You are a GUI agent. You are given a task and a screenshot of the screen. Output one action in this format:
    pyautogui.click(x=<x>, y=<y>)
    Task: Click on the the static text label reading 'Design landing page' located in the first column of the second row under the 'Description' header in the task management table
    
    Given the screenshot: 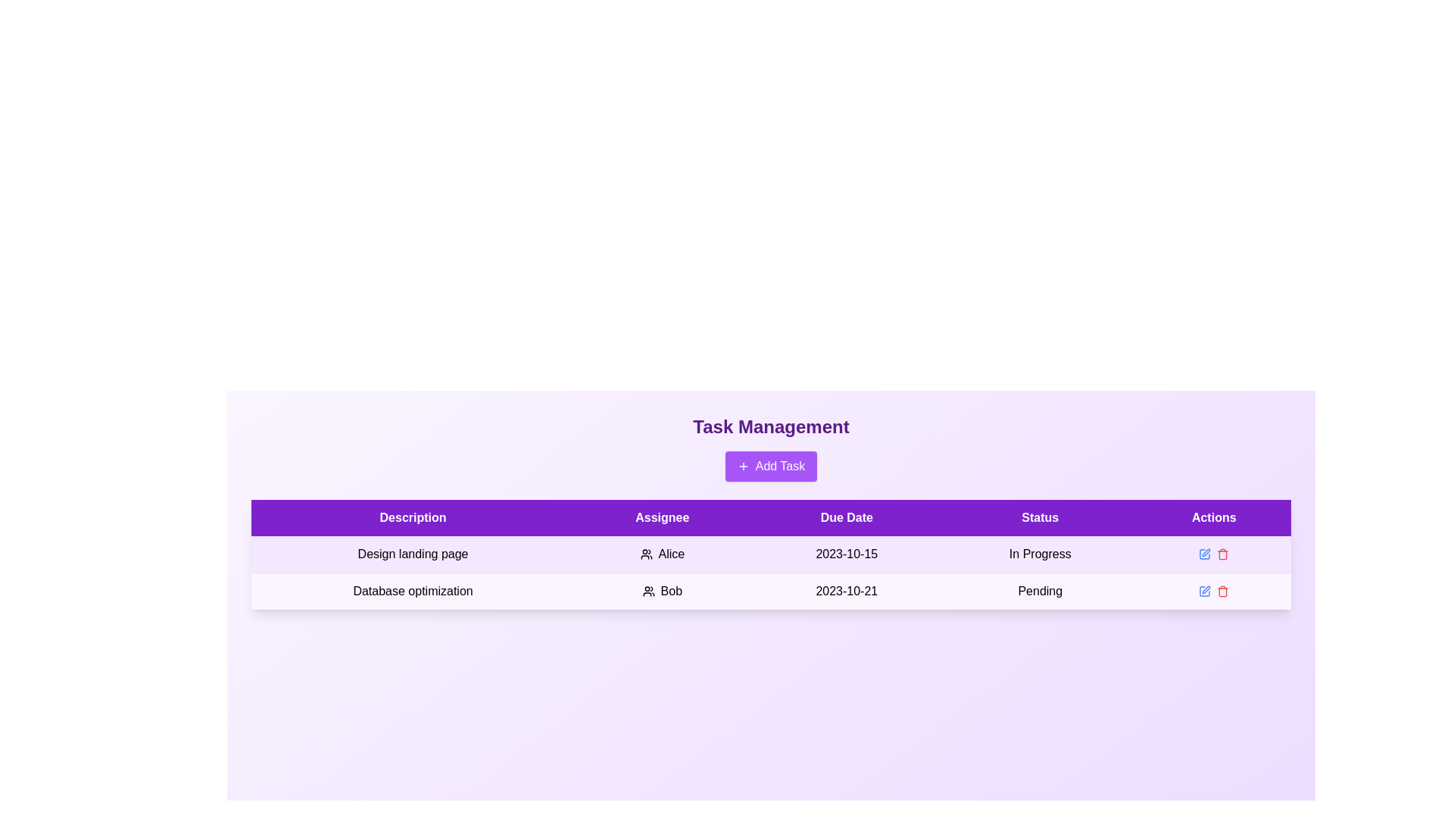 What is the action you would take?
    pyautogui.click(x=413, y=554)
    